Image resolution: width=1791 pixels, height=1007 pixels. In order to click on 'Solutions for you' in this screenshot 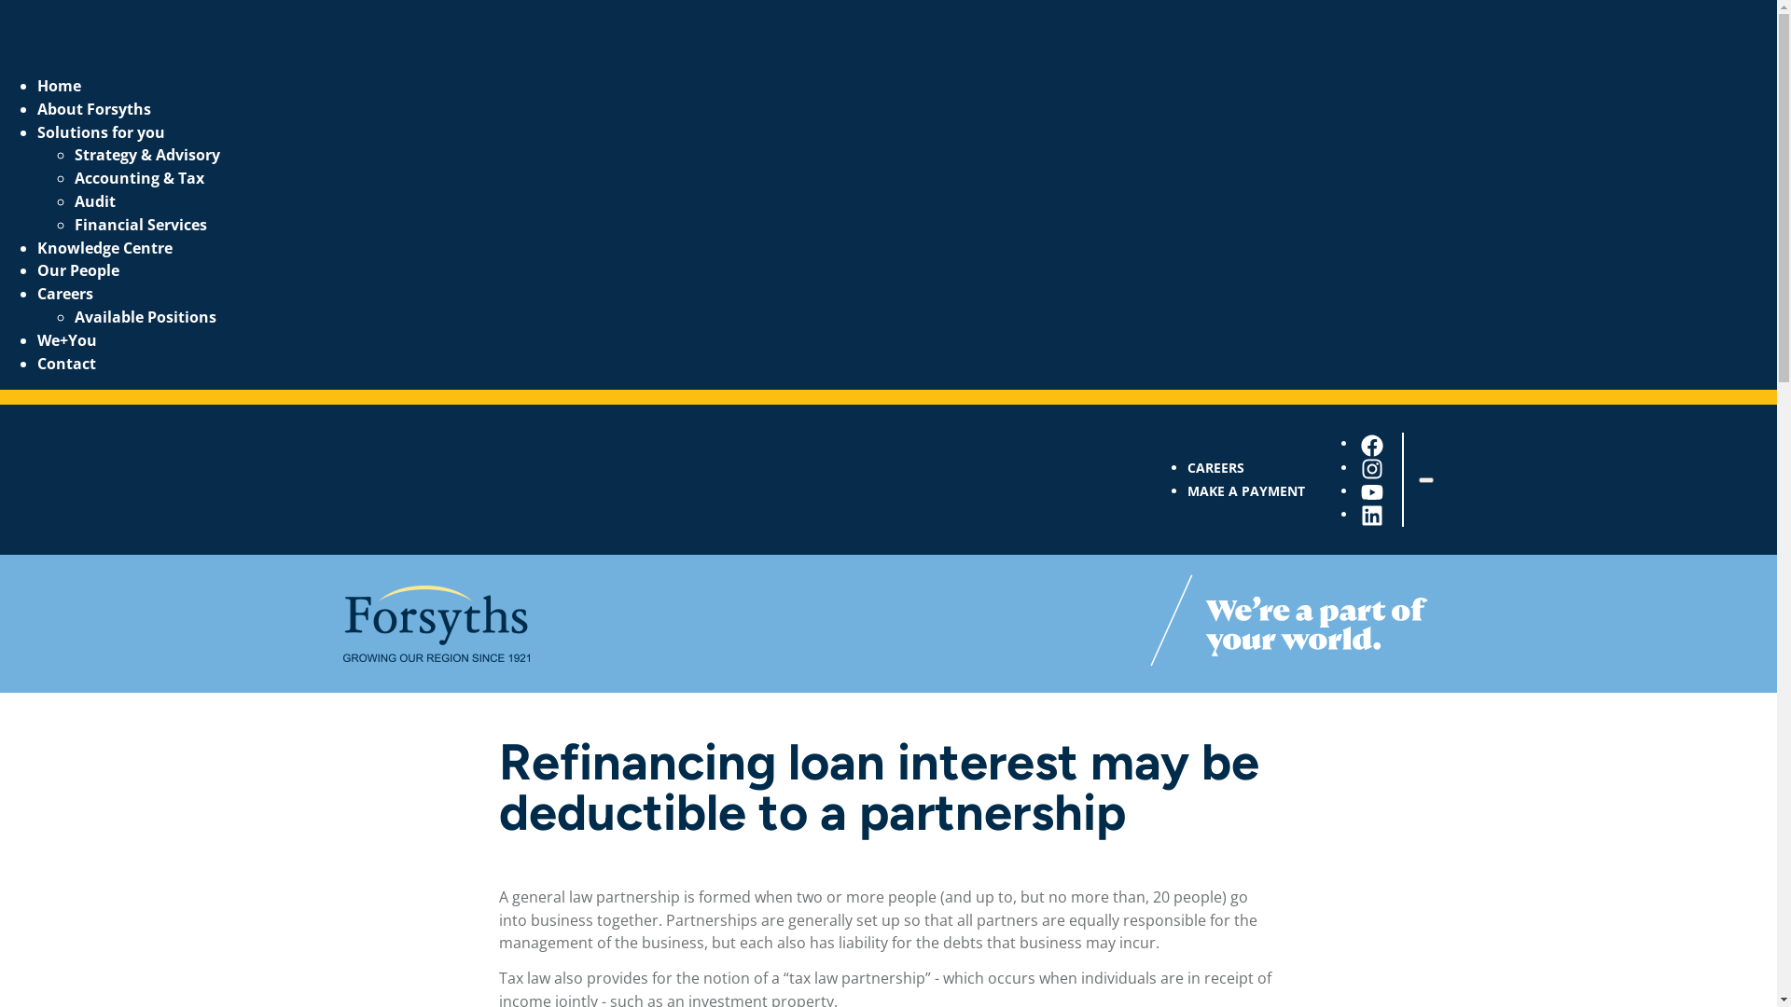, I will do `click(100, 131)`.